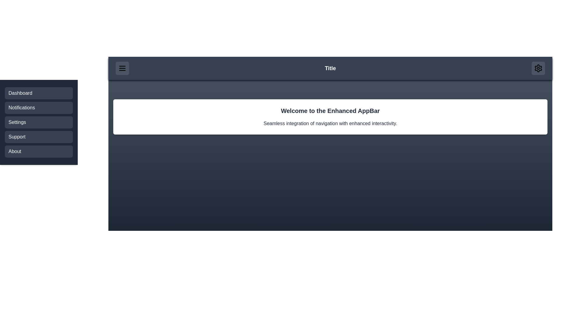  I want to click on the text 'Welcome to the Enhanced AppBar' in the main content area, so click(121, 106).